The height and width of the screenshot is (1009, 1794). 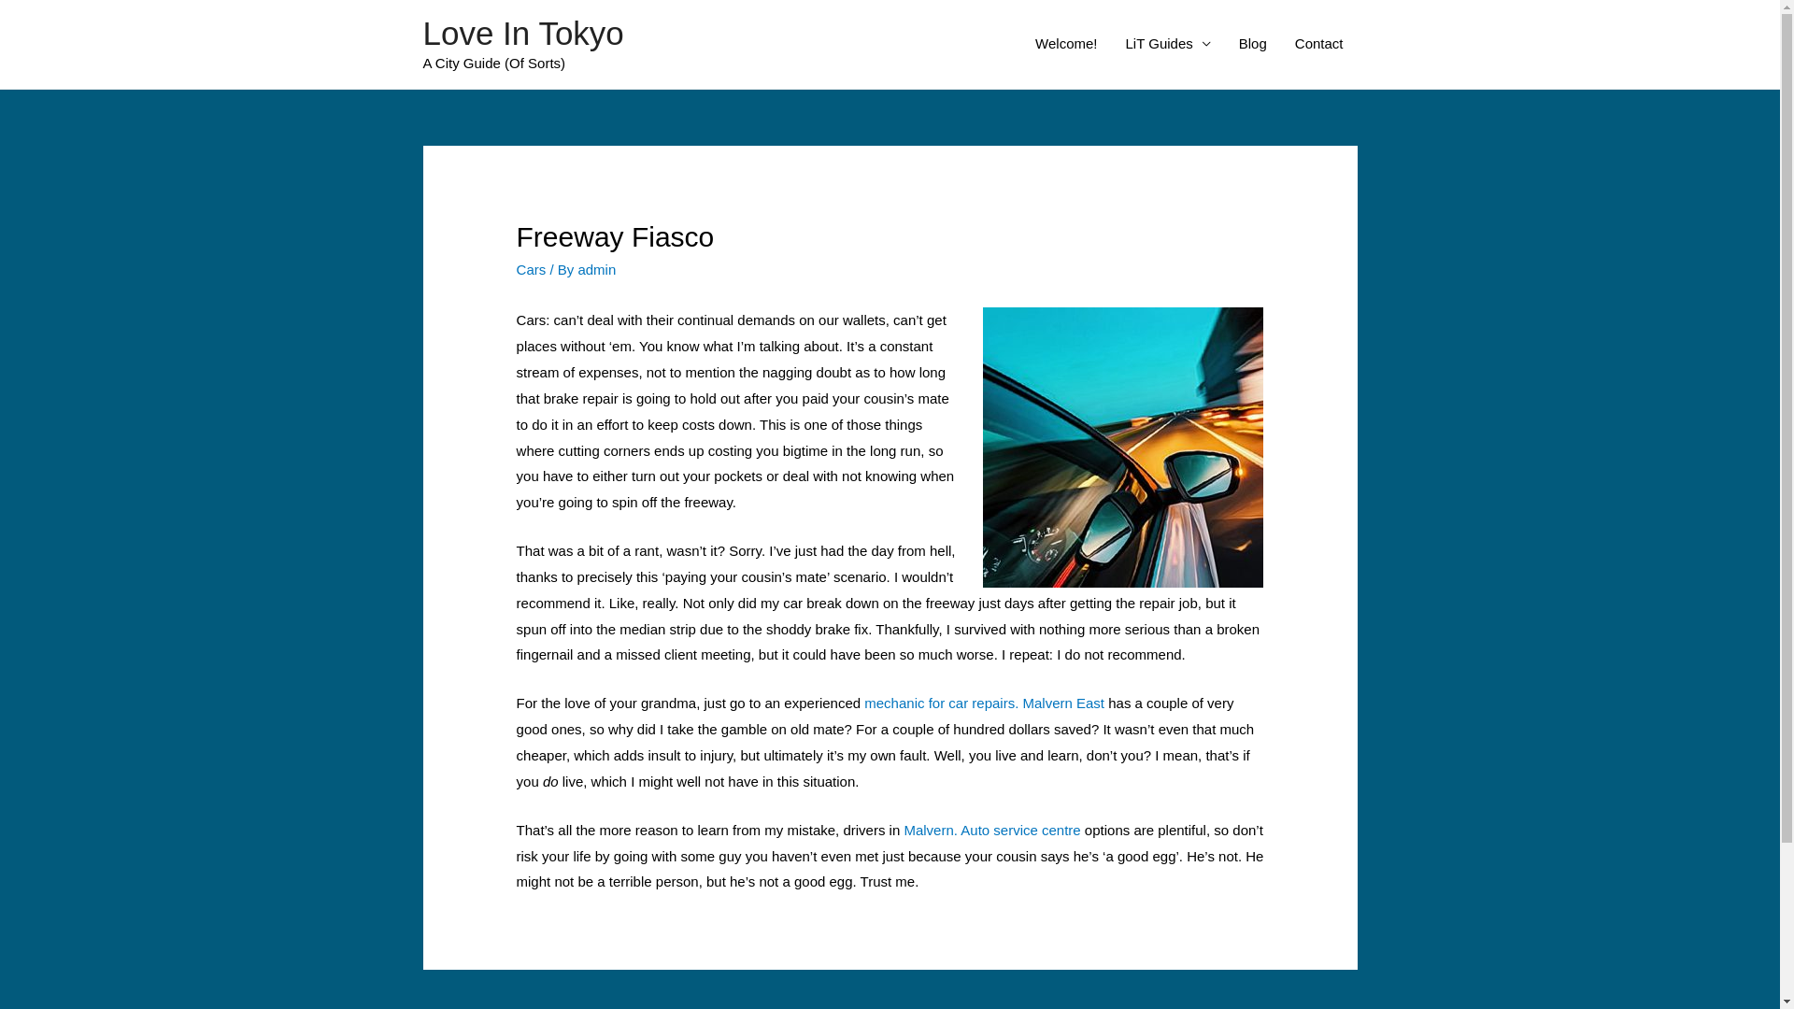 What do you see at coordinates (1317, 42) in the screenshot?
I see `'Contact'` at bounding box center [1317, 42].